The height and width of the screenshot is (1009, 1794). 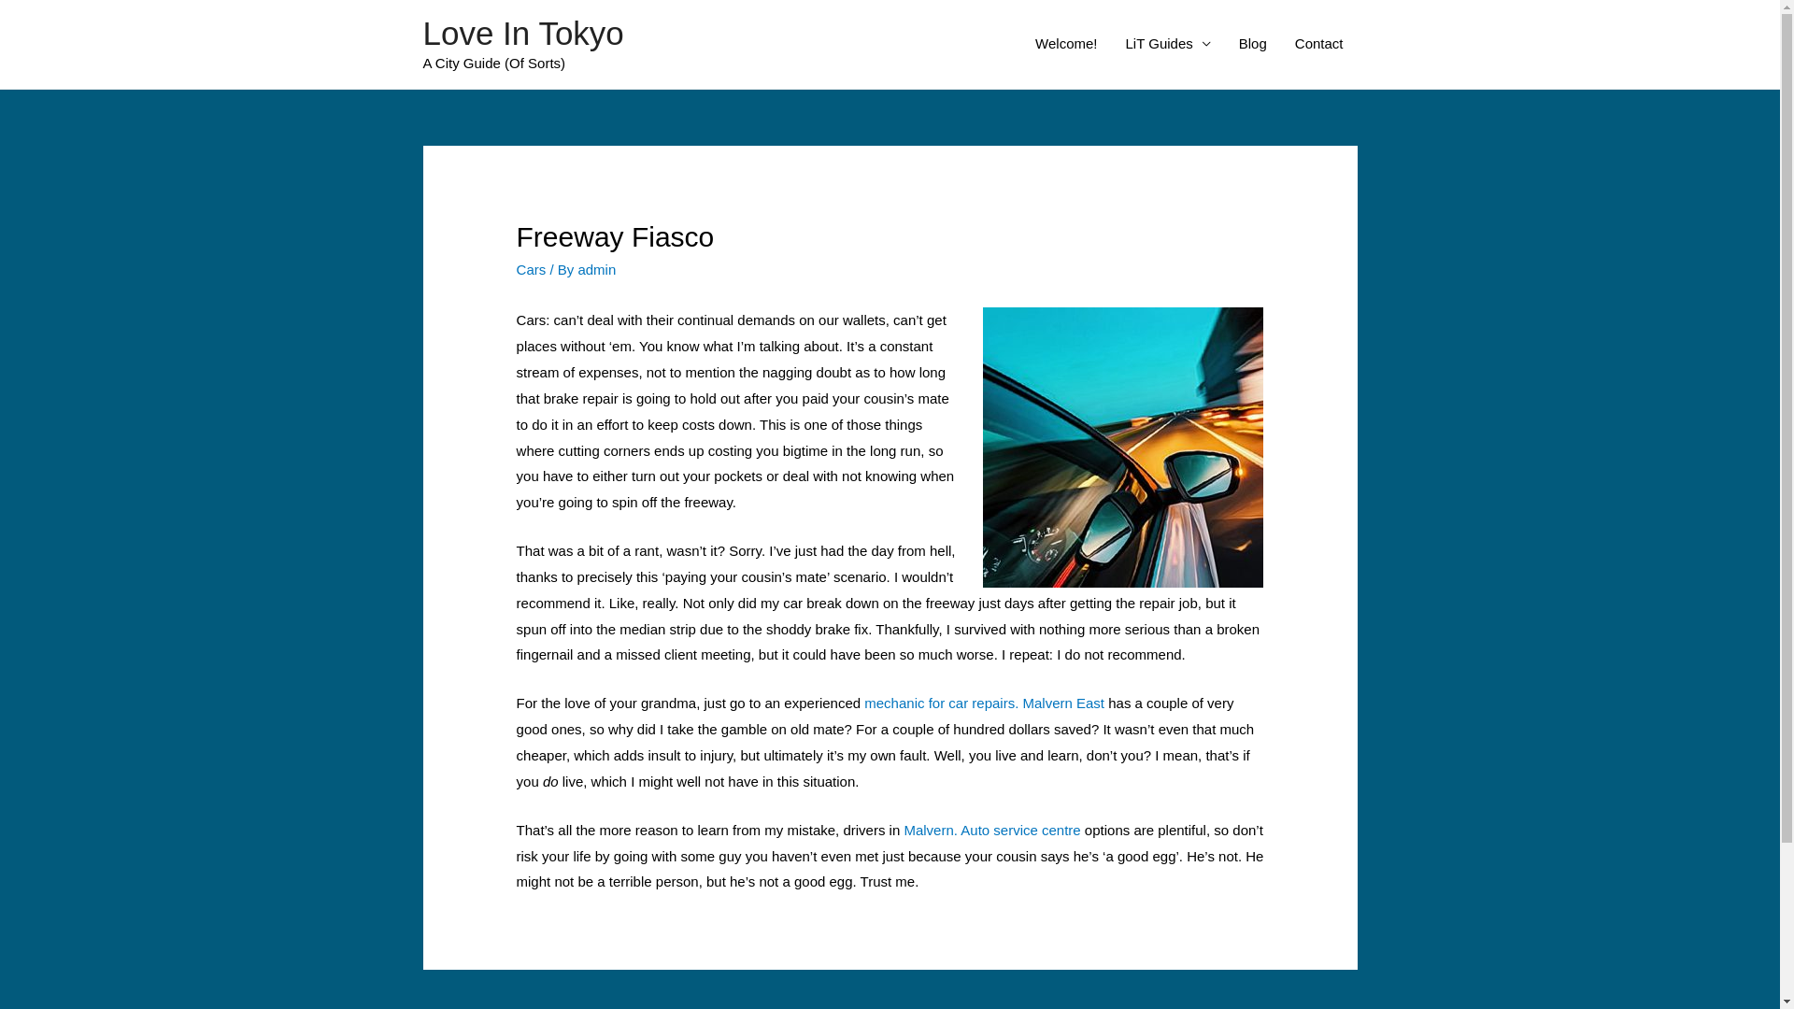 What do you see at coordinates (1317, 42) in the screenshot?
I see `'Contact'` at bounding box center [1317, 42].